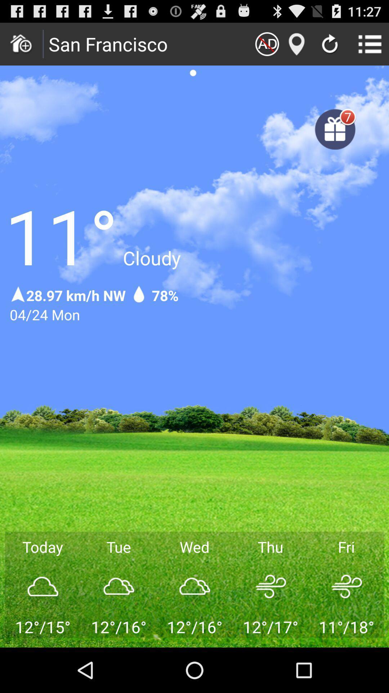  Describe the element at coordinates (21, 47) in the screenshot. I see `the home icon` at that location.